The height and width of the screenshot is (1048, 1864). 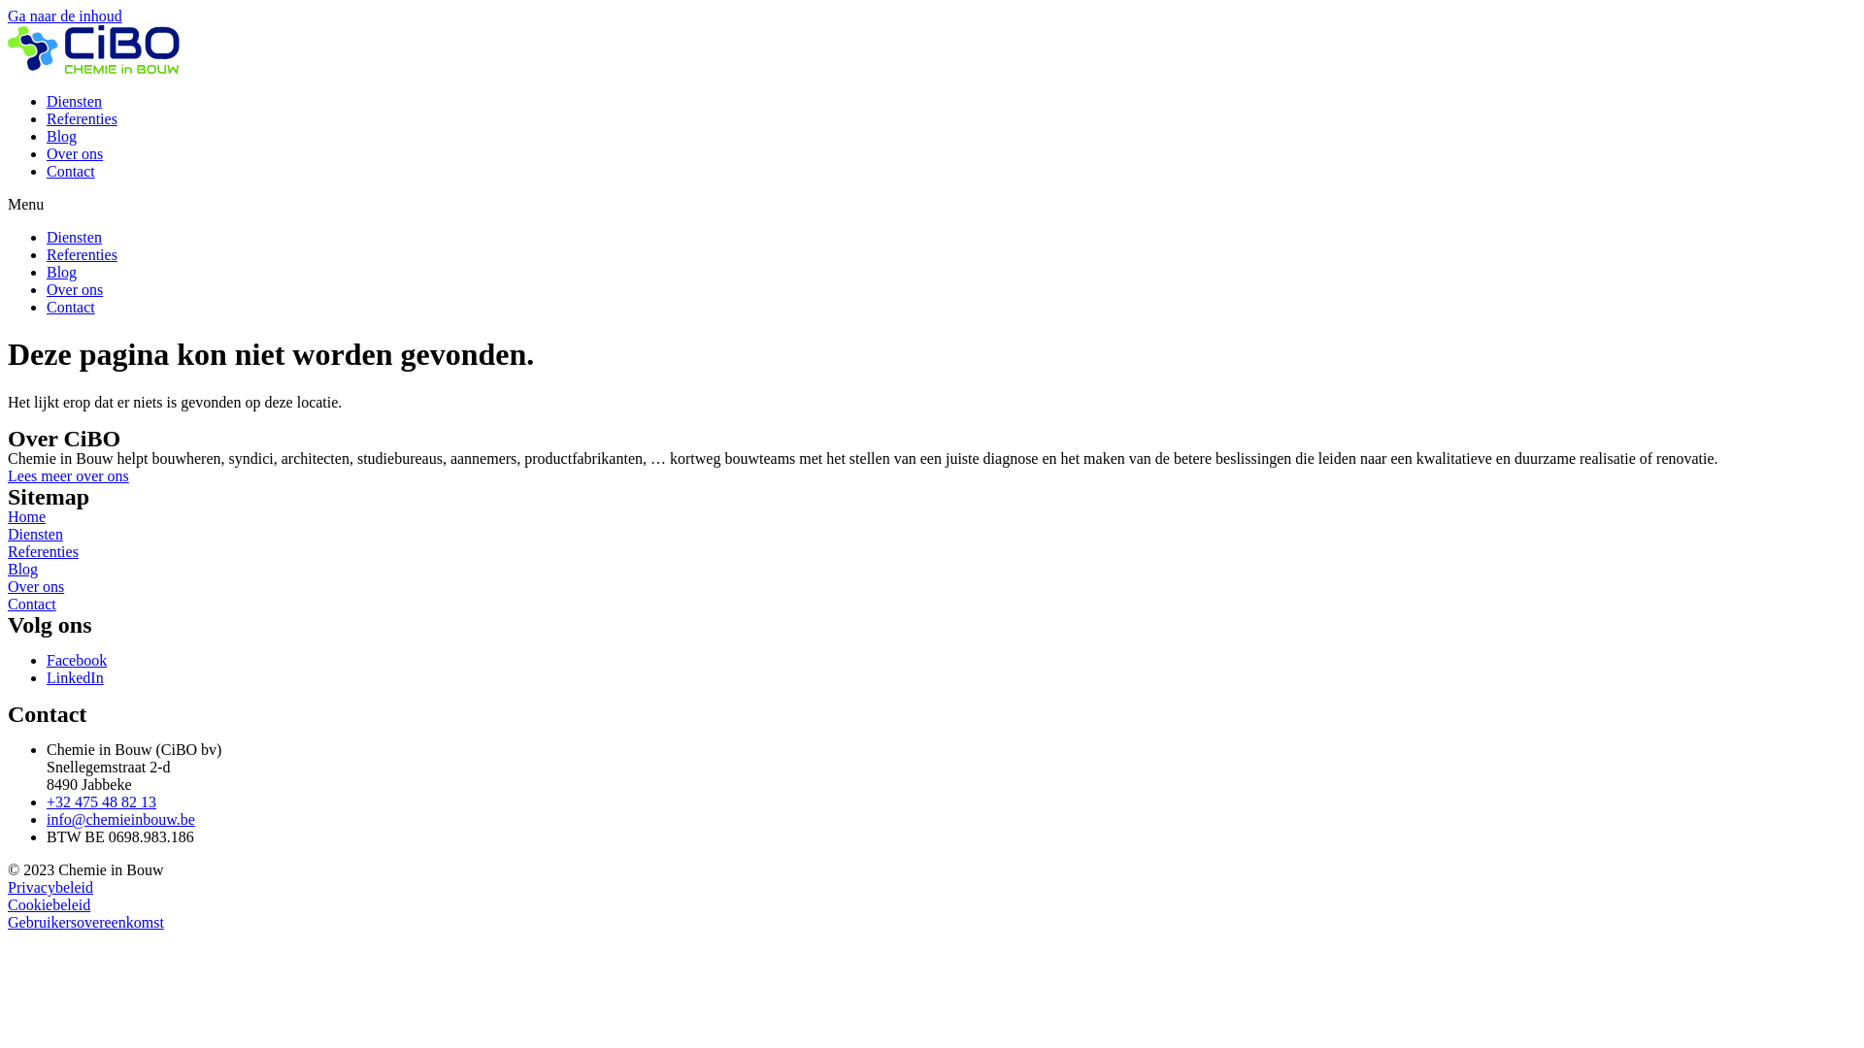 What do you see at coordinates (70, 170) in the screenshot?
I see `'Contact'` at bounding box center [70, 170].